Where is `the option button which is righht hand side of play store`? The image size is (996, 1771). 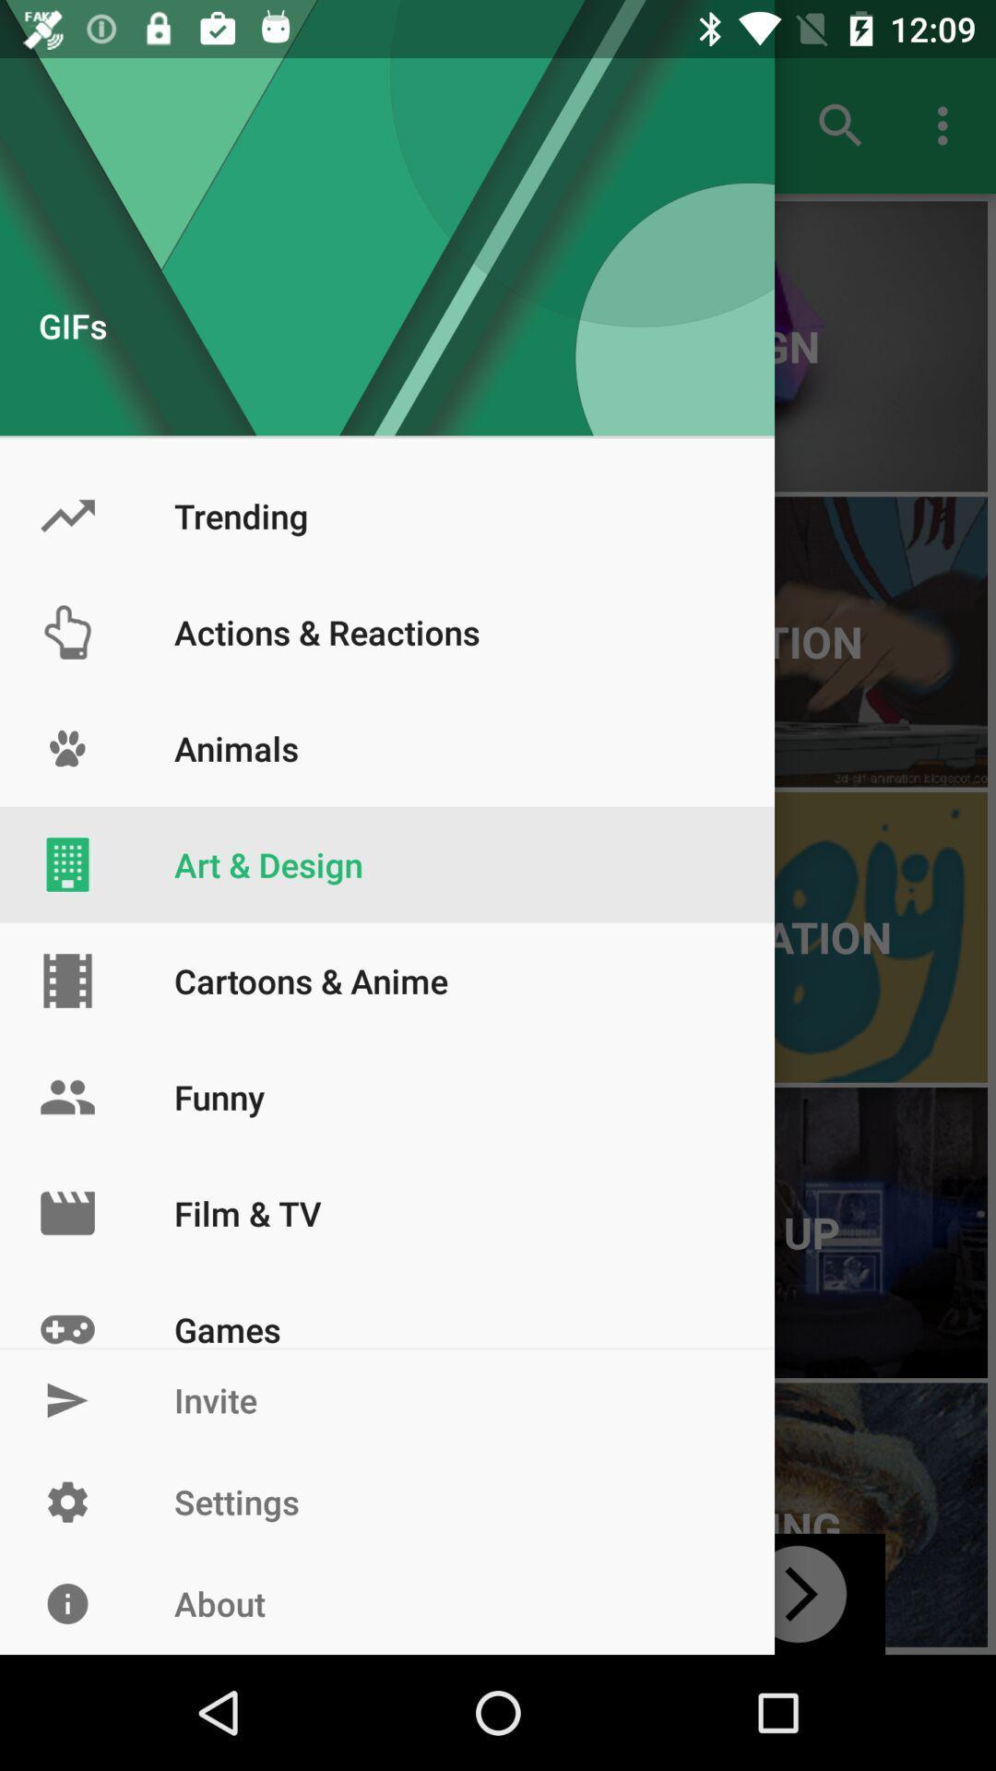
the option button which is righht hand side of play store is located at coordinates (947, 125).